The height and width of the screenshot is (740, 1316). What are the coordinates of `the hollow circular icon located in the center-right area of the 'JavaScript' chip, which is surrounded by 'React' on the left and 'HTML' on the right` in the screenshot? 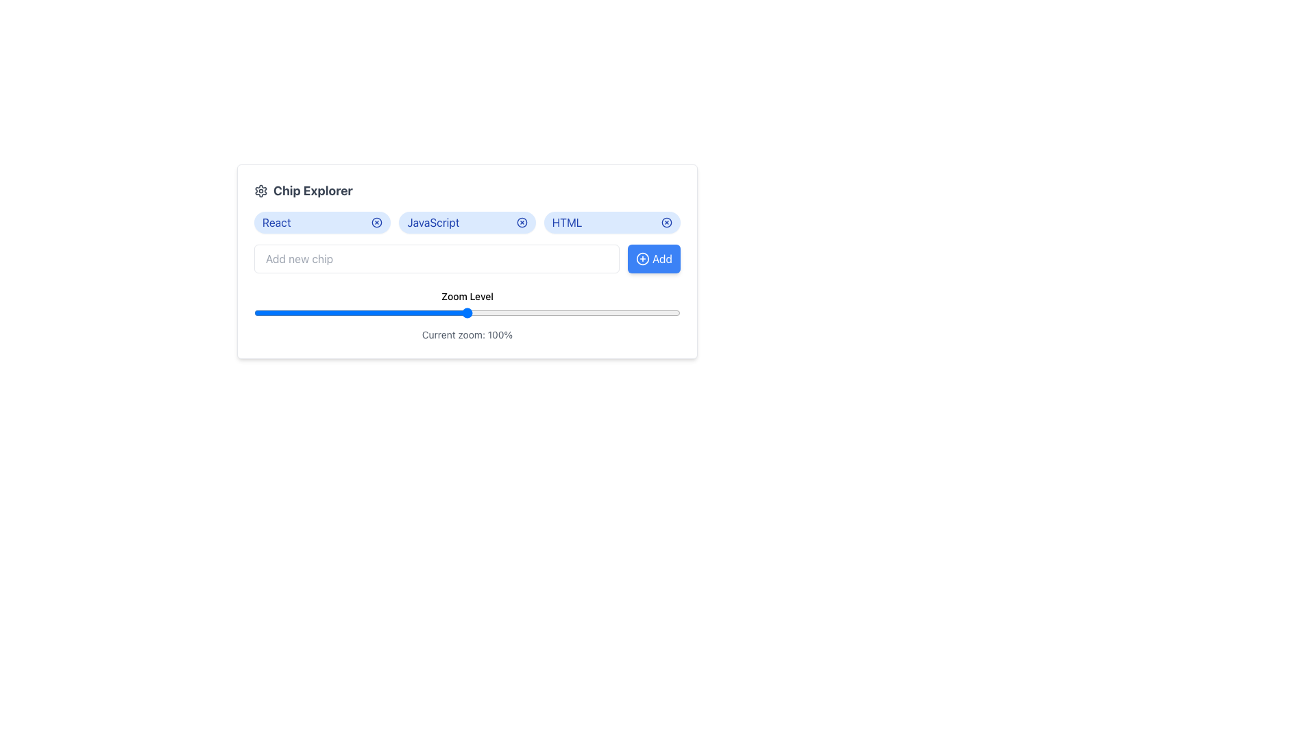 It's located at (377, 221).